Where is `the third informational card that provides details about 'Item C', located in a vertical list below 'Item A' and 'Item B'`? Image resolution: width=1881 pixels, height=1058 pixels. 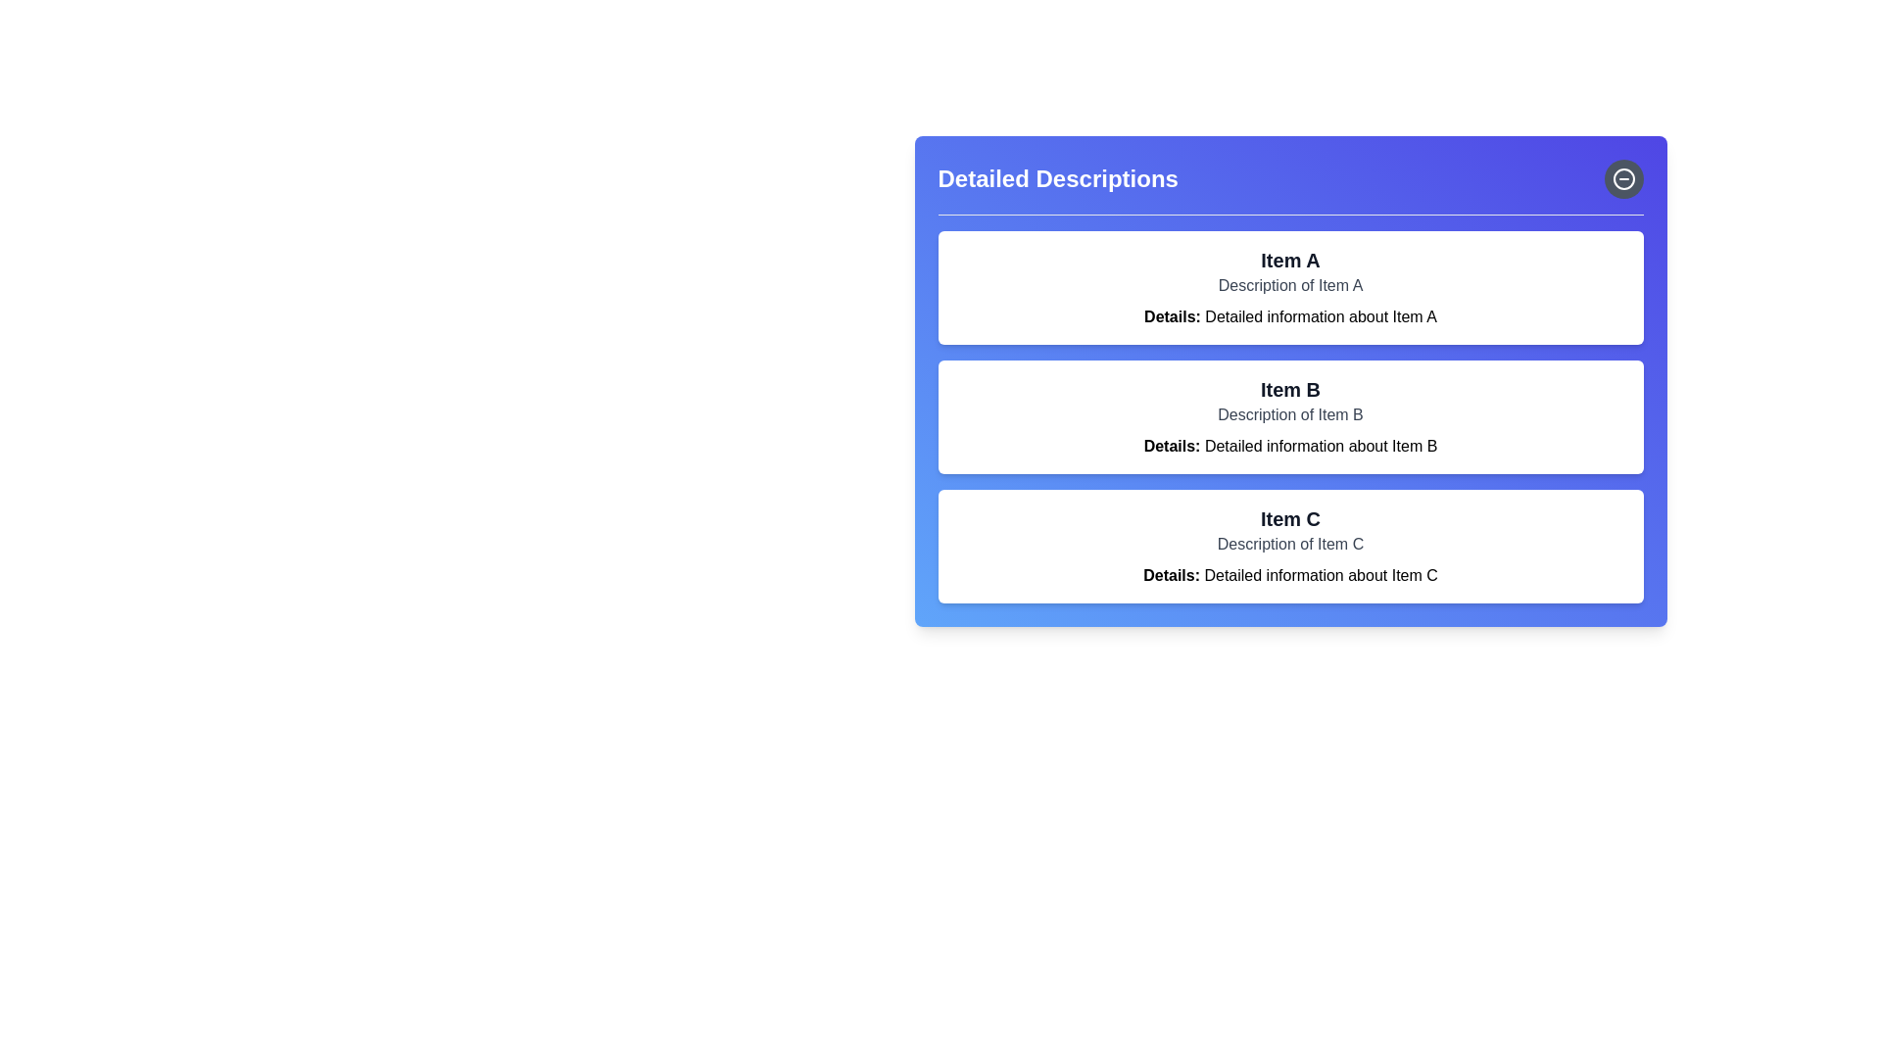
the third informational card that provides details about 'Item C', located in a vertical list below 'Item A' and 'Item B' is located at coordinates (1290, 547).